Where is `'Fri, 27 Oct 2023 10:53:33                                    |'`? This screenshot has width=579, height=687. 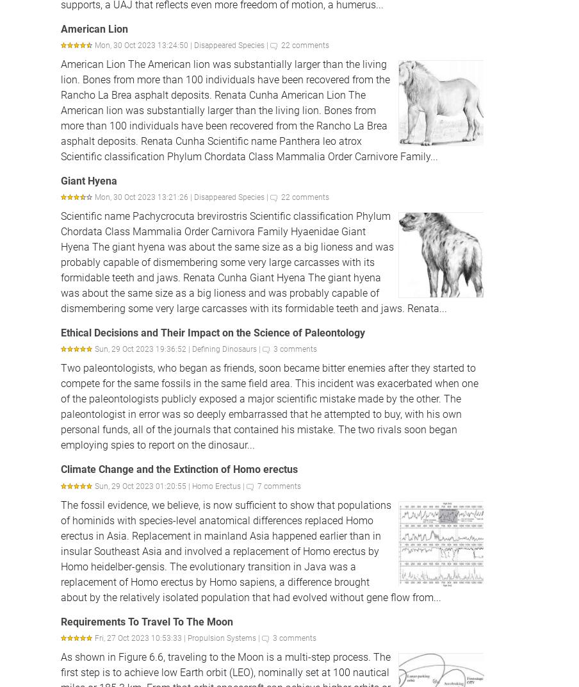 'Fri, 27 Oct 2023 10:53:33                                    |' is located at coordinates (141, 637).